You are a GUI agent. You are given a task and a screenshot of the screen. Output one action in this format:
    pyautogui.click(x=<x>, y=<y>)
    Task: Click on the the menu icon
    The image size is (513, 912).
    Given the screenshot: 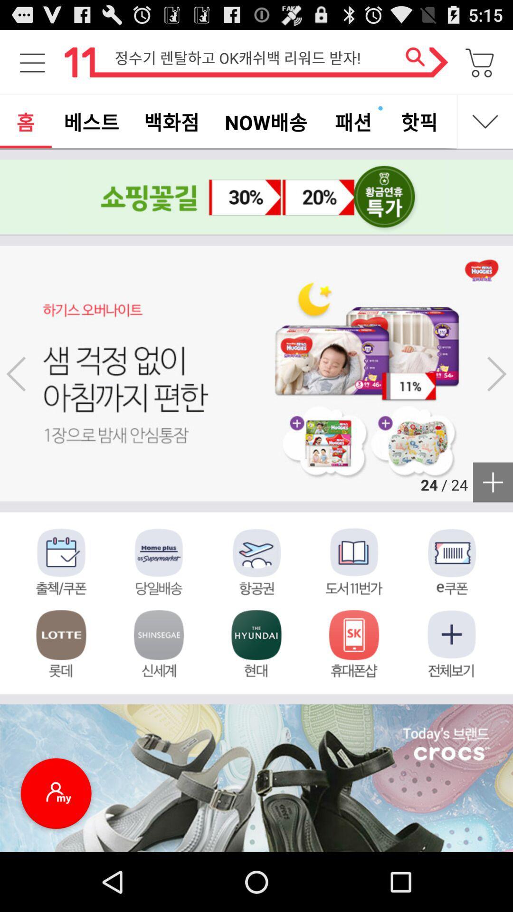 What is the action you would take?
    pyautogui.click(x=32, y=66)
    